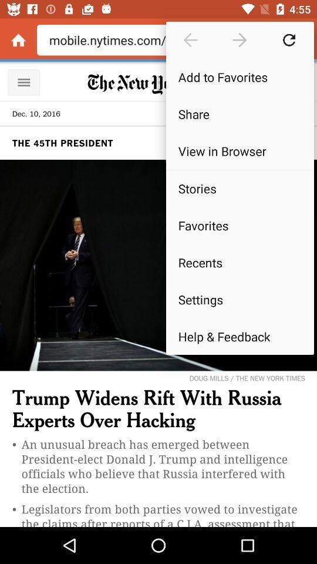 The image size is (317, 564). I want to click on go forward, so click(239, 40).